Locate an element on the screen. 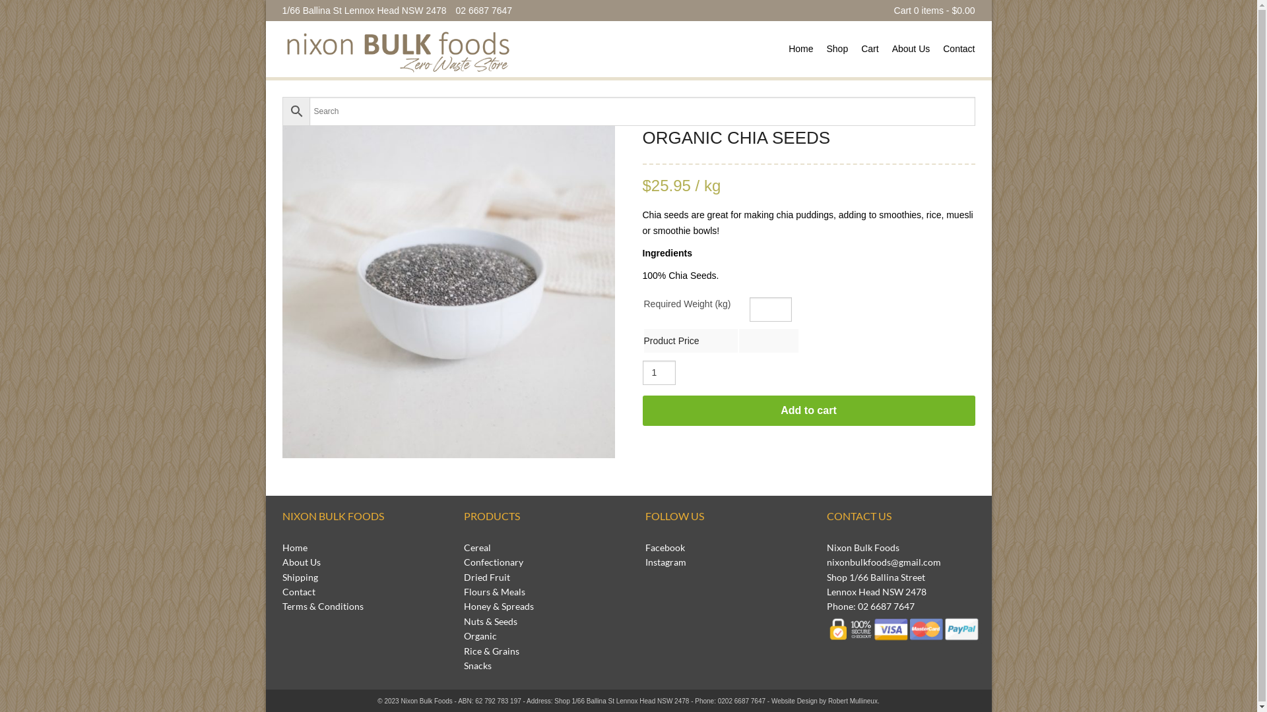 The height and width of the screenshot is (712, 1267). 'nixonbulkfoods@gmail.com' is located at coordinates (883, 562).